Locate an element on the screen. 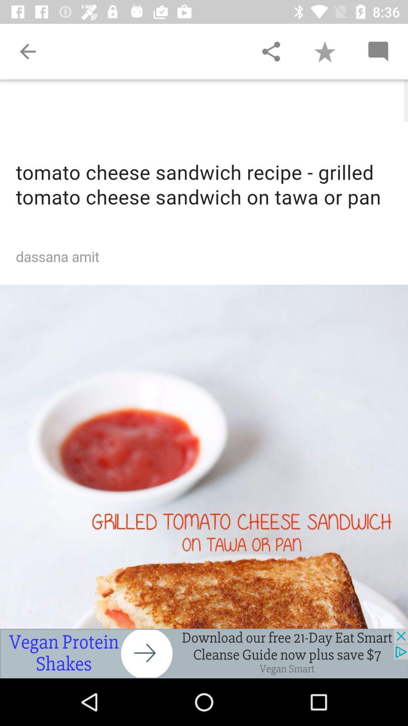 Image resolution: width=408 pixels, height=726 pixels. click for advertisement is located at coordinates (204, 653).